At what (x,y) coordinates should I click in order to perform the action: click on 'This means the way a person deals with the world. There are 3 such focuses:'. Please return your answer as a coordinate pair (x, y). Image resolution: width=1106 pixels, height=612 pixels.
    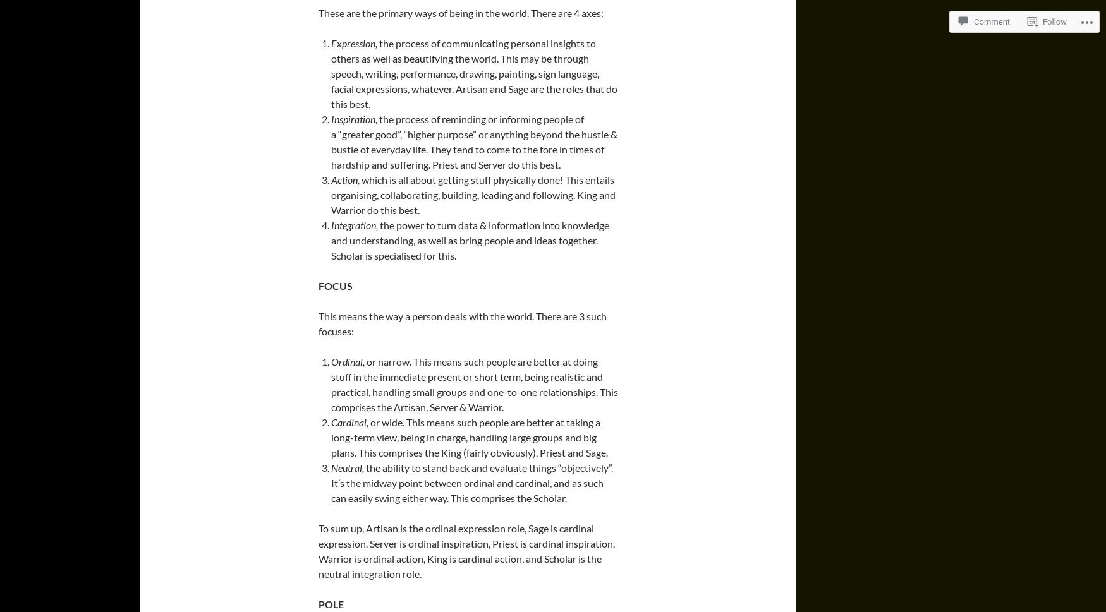
    Looking at the image, I should click on (317, 323).